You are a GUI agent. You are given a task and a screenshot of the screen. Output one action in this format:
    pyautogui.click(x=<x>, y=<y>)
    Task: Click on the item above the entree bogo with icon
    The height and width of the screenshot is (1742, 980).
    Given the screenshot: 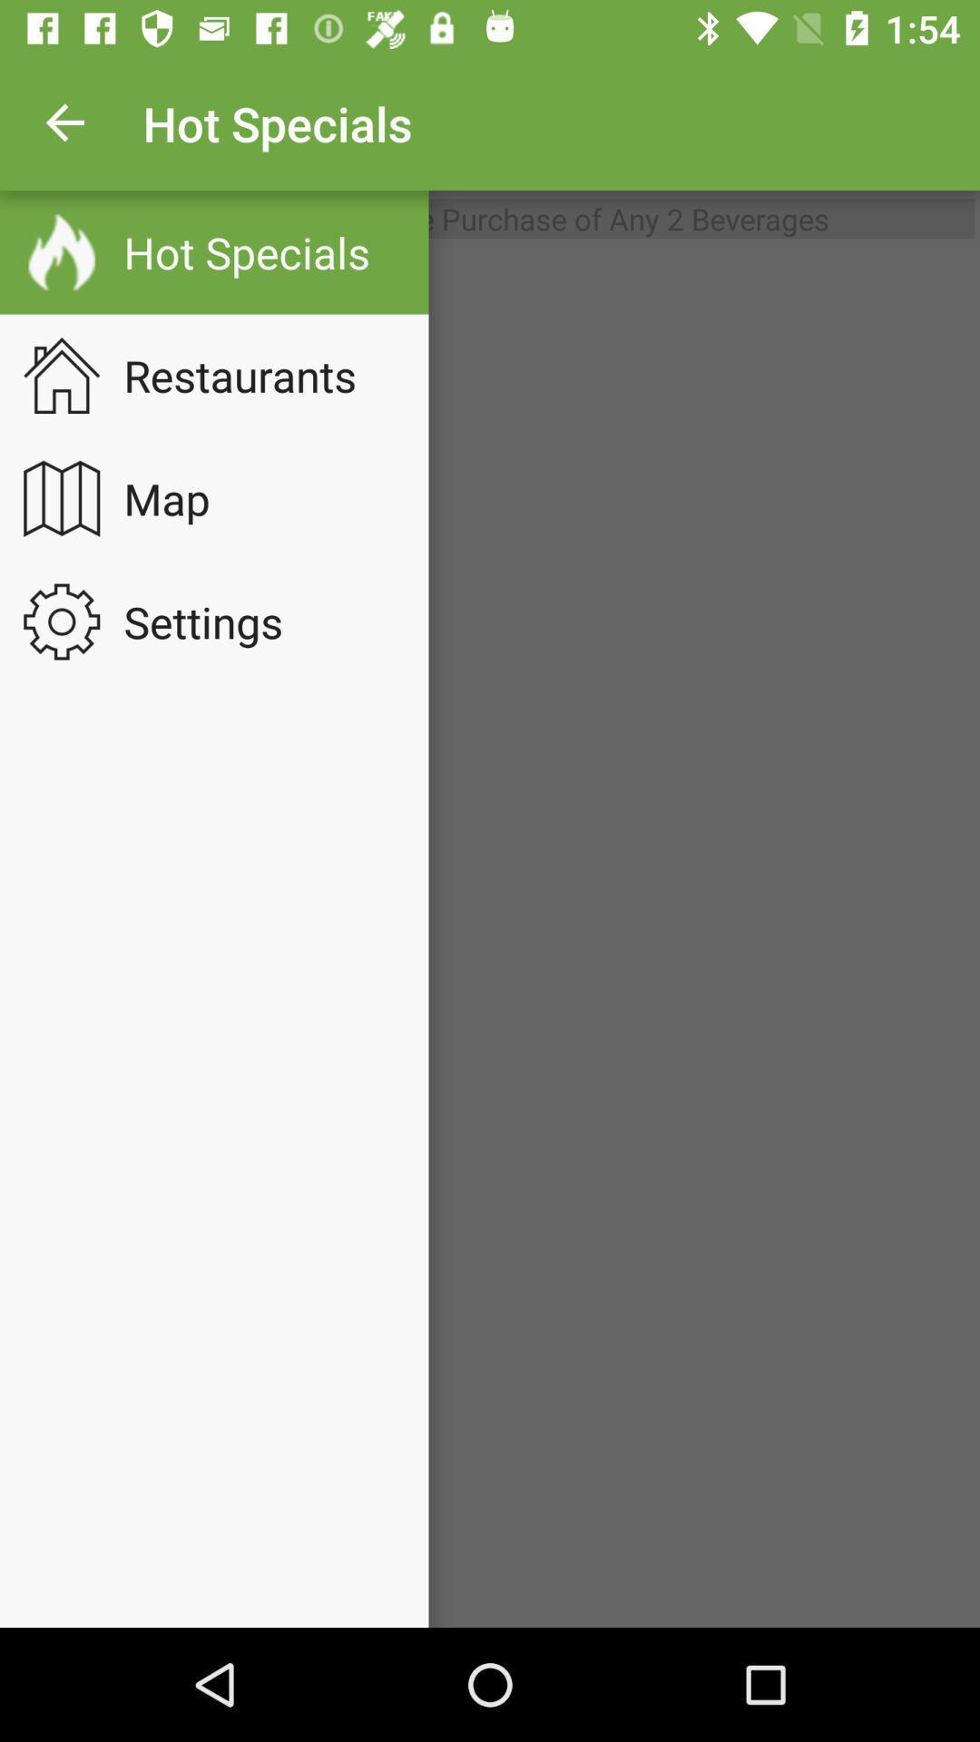 What is the action you would take?
    pyautogui.click(x=65, y=122)
    